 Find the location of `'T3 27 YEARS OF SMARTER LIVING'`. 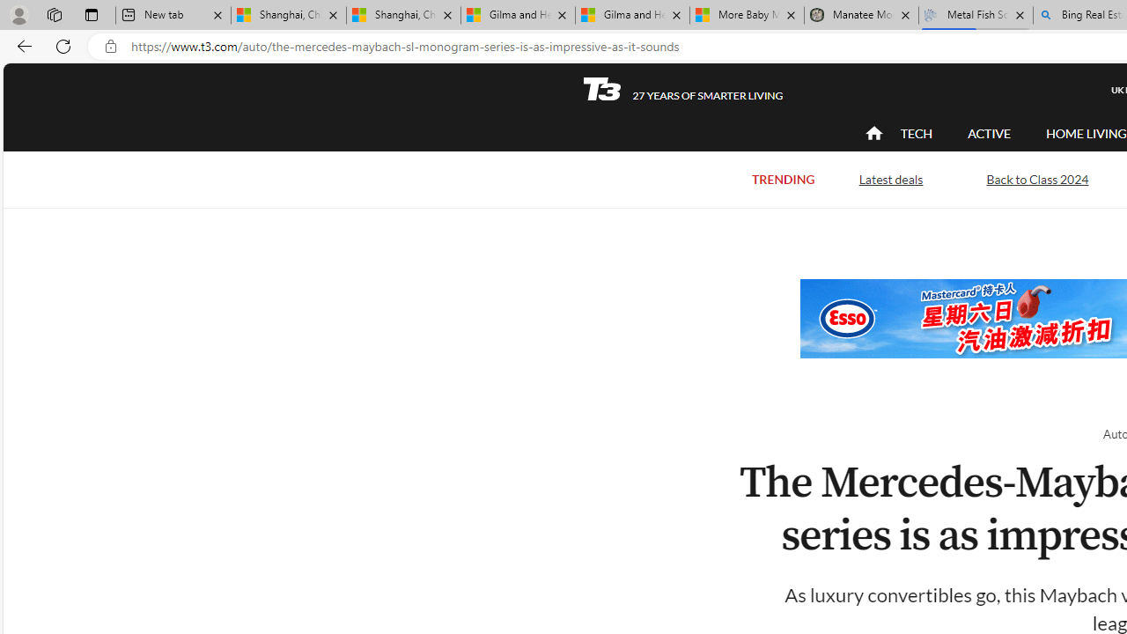

'T3 27 YEARS OF SMARTER LIVING' is located at coordinates (681, 89).